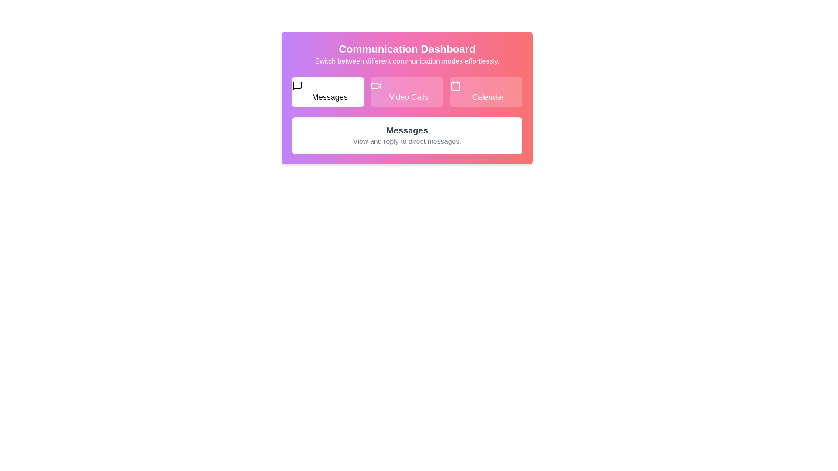 This screenshot has height=471, width=838. What do you see at coordinates (327, 92) in the screenshot?
I see `the Messages tab to view its content` at bounding box center [327, 92].